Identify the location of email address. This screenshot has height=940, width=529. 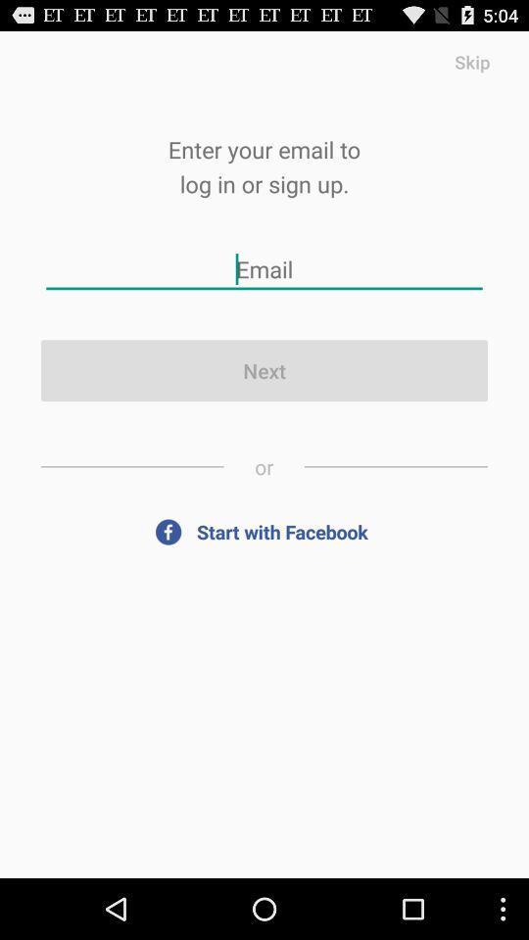
(264, 268).